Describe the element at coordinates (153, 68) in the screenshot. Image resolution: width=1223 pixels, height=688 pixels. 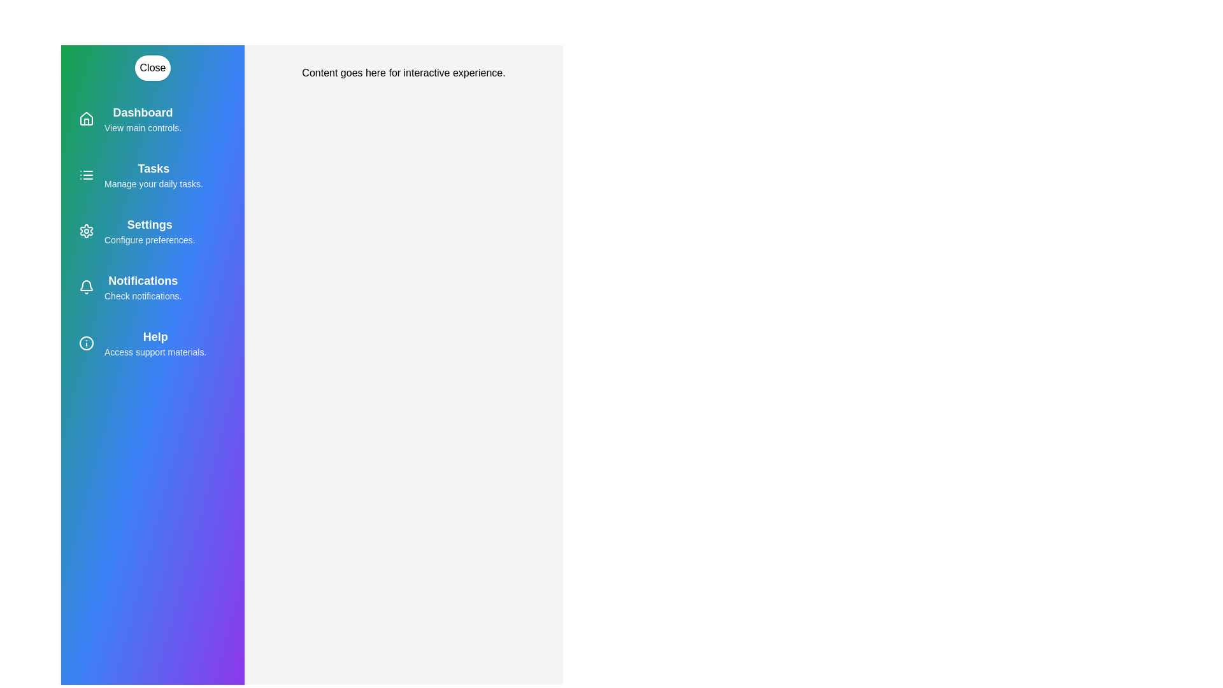
I see `'Close' button to toggle the drawer` at that location.